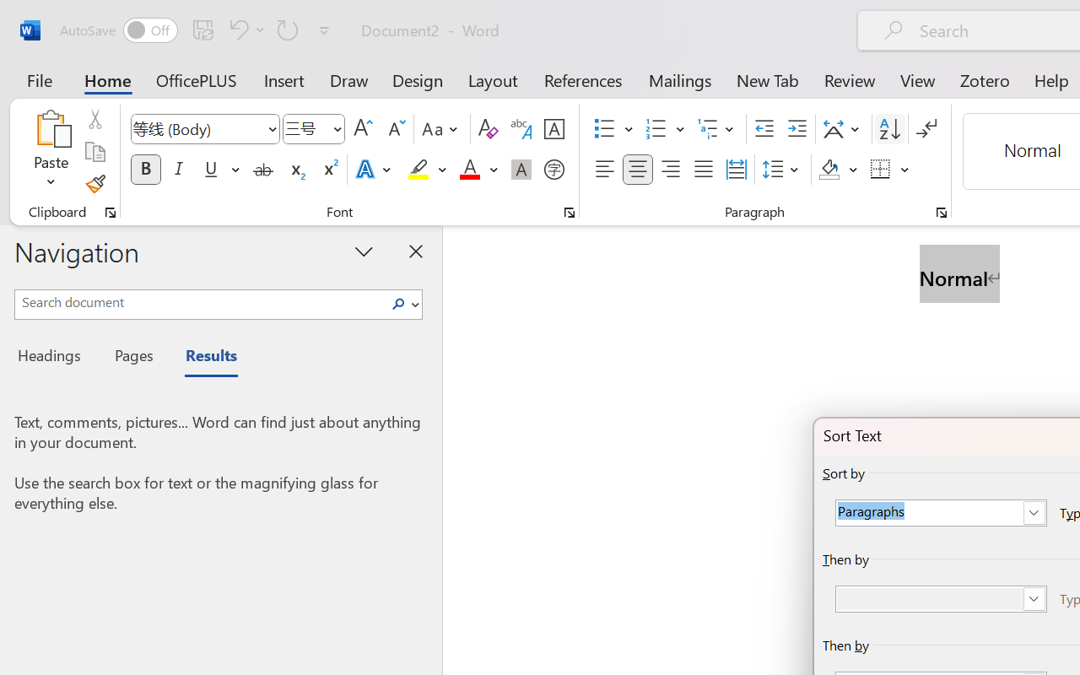 The width and height of the screenshot is (1080, 675). I want to click on 'Save', so click(202, 29).